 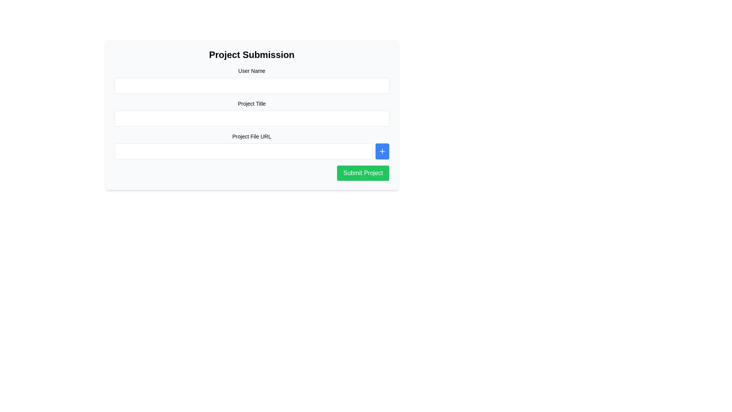 What do you see at coordinates (382, 151) in the screenshot?
I see `the small plus-shaped icon with a blue background, located to the right of the 'Project File URL' input field` at bounding box center [382, 151].